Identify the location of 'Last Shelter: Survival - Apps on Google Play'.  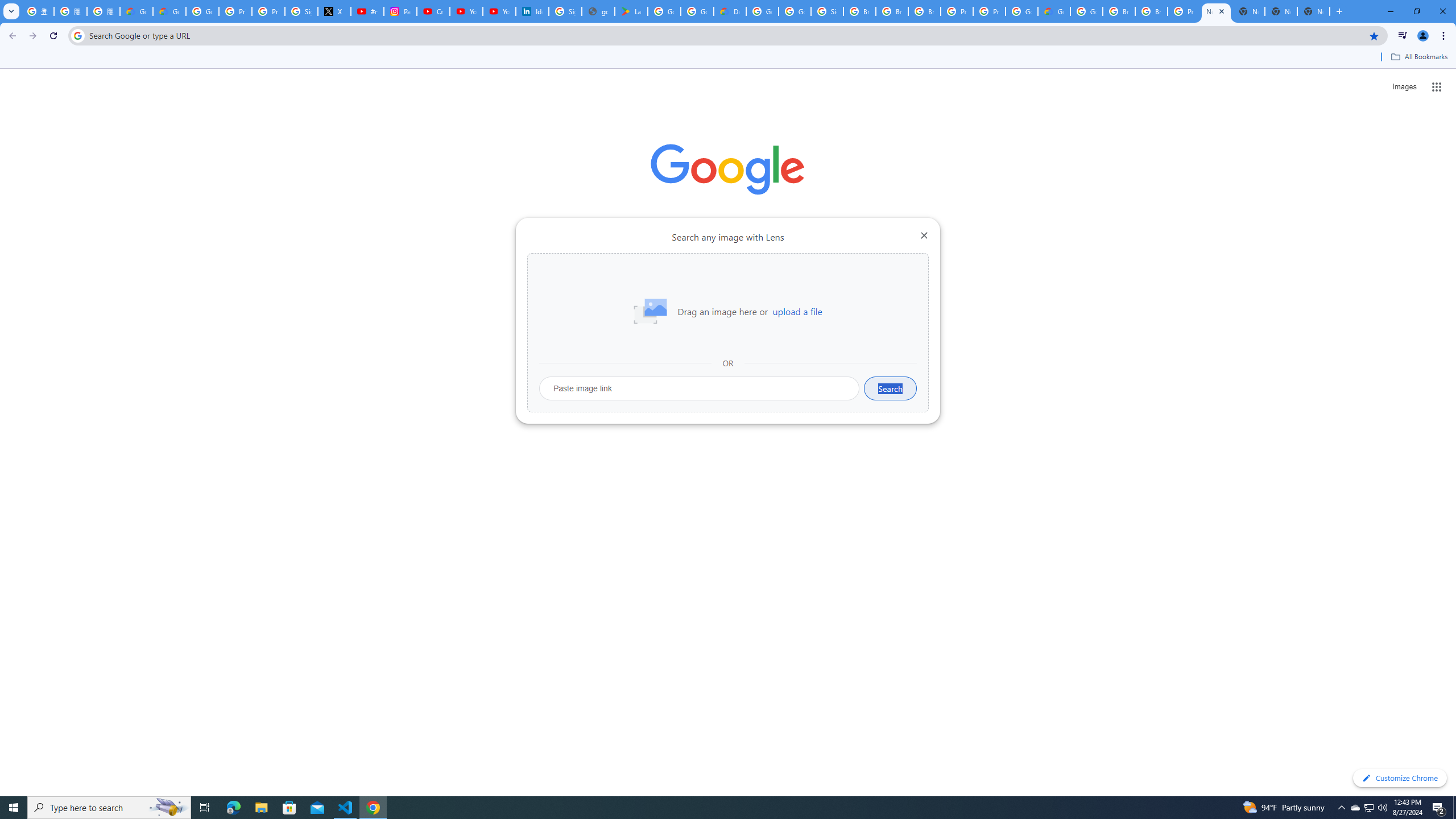
(630, 11).